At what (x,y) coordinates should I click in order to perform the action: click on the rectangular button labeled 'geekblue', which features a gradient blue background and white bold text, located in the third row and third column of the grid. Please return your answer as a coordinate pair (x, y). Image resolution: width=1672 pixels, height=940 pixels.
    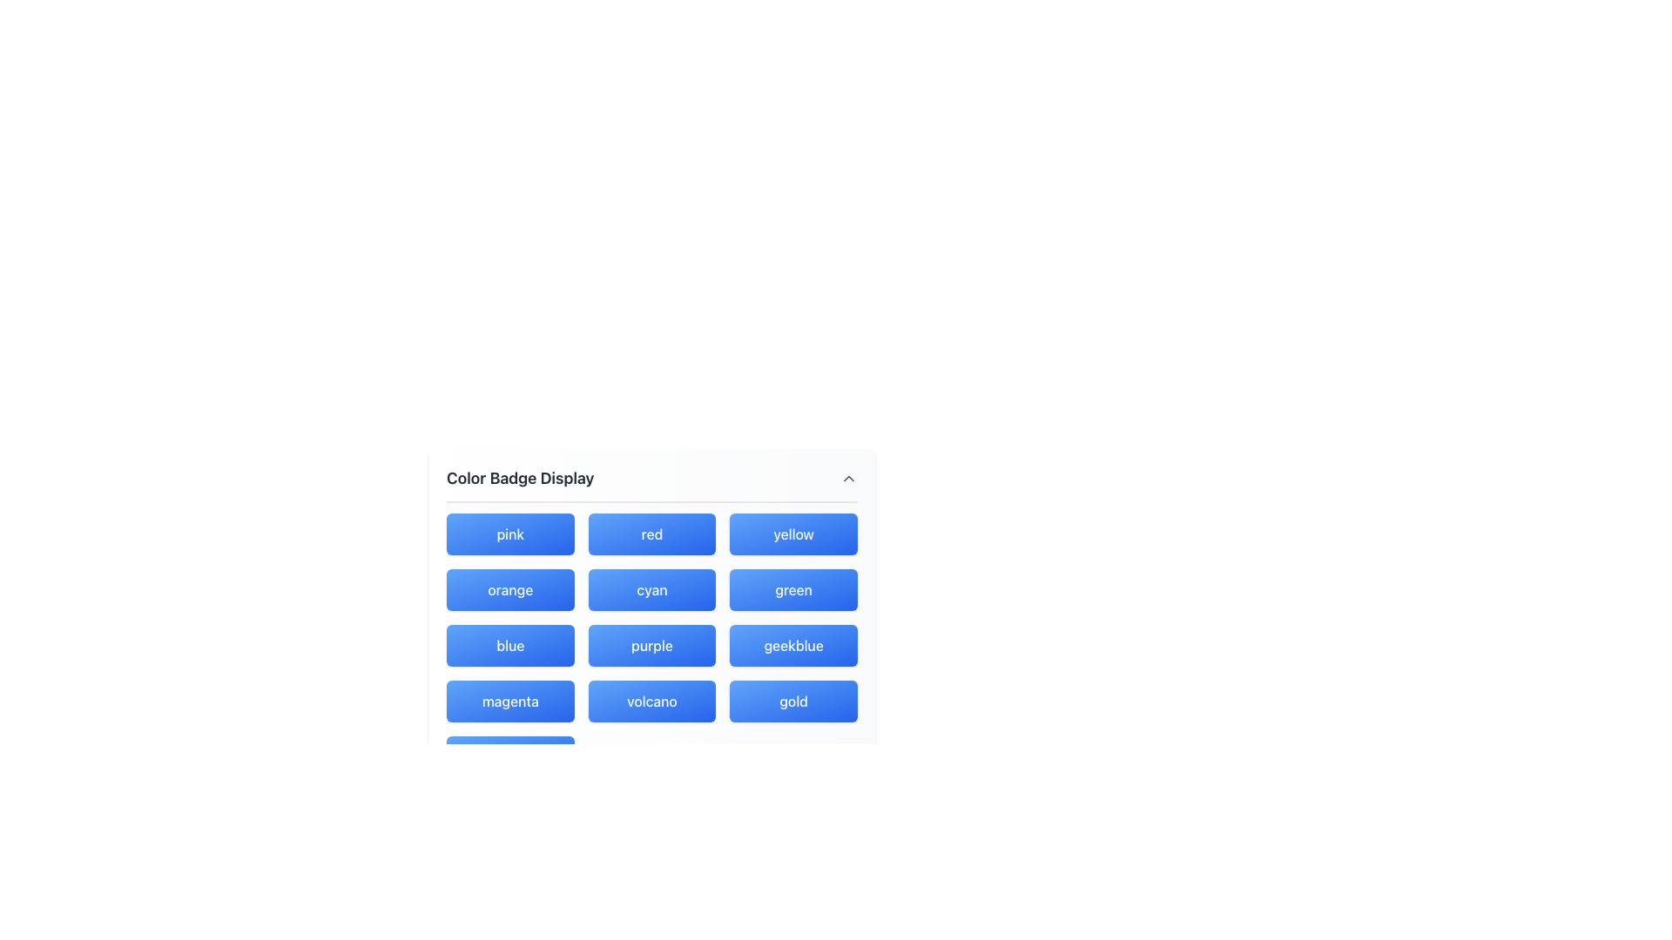
    Looking at the image, I should click on (792, 645).